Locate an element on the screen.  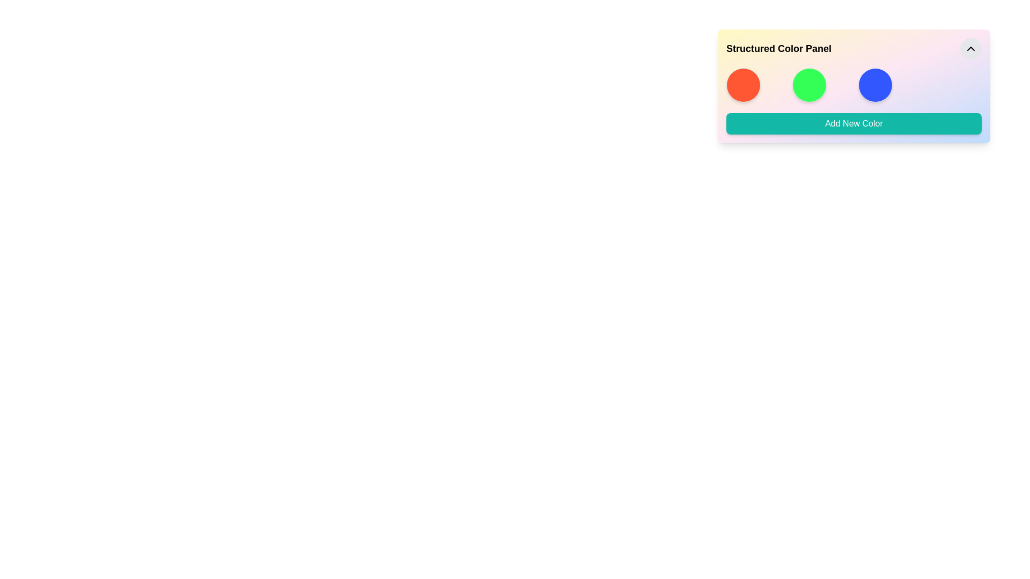
the second circular Graphical Indicator with a bright green background in the Structured Color Panel is located at coordinates (809, 84).